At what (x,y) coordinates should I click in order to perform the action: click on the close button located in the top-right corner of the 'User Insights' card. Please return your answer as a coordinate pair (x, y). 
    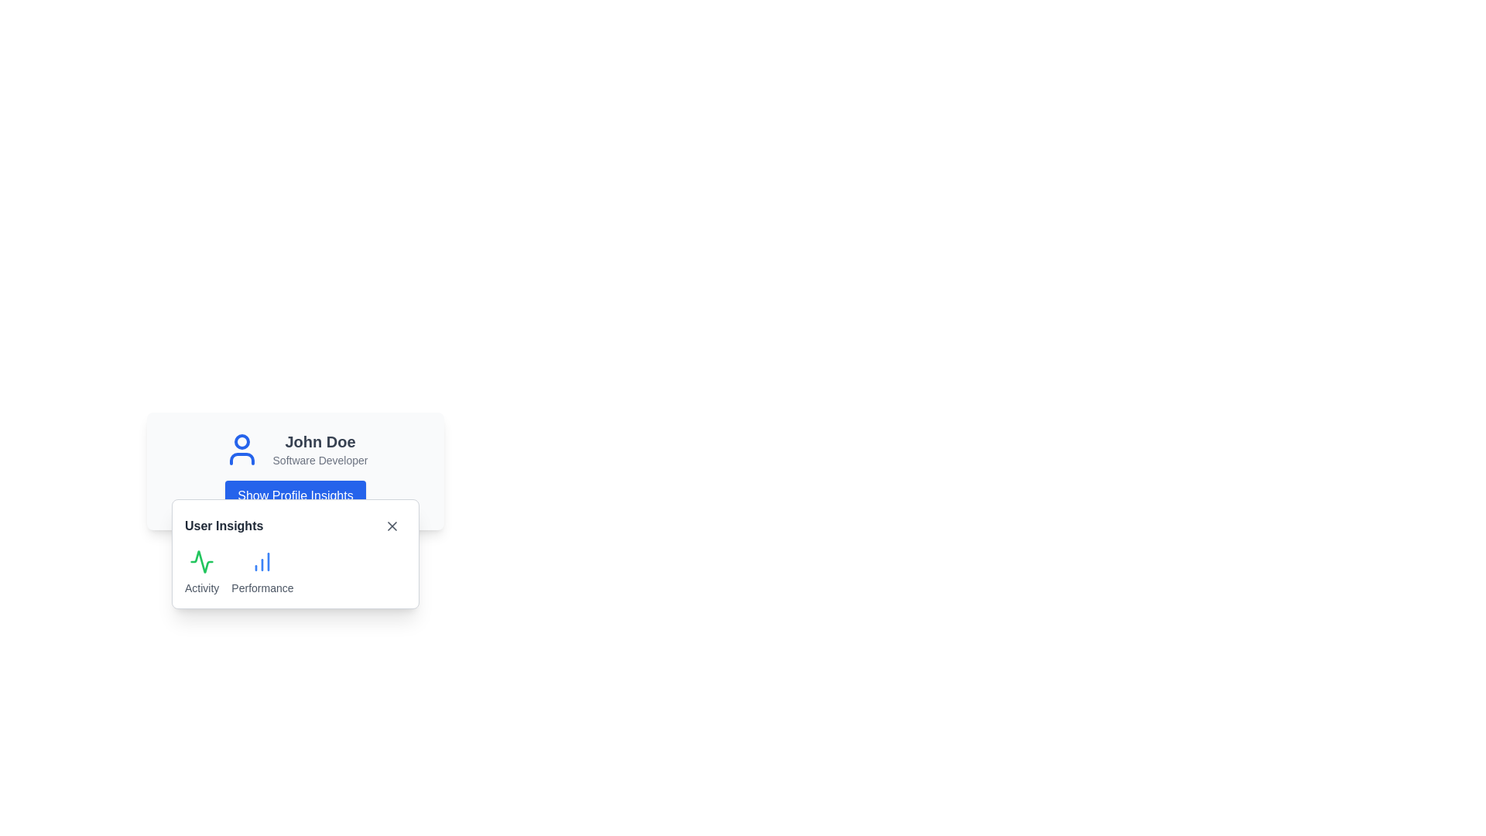
    Looking at the image, I should click on (392, 525).